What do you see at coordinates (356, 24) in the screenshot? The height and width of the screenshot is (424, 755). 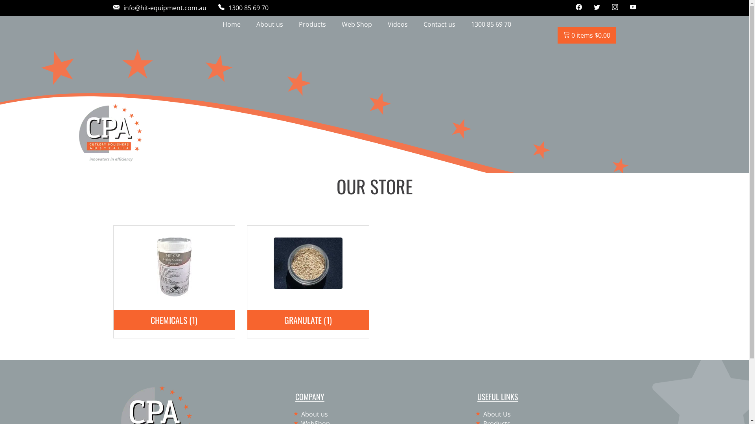 I see `'Web Shop'` at bounding box center [356, 24].